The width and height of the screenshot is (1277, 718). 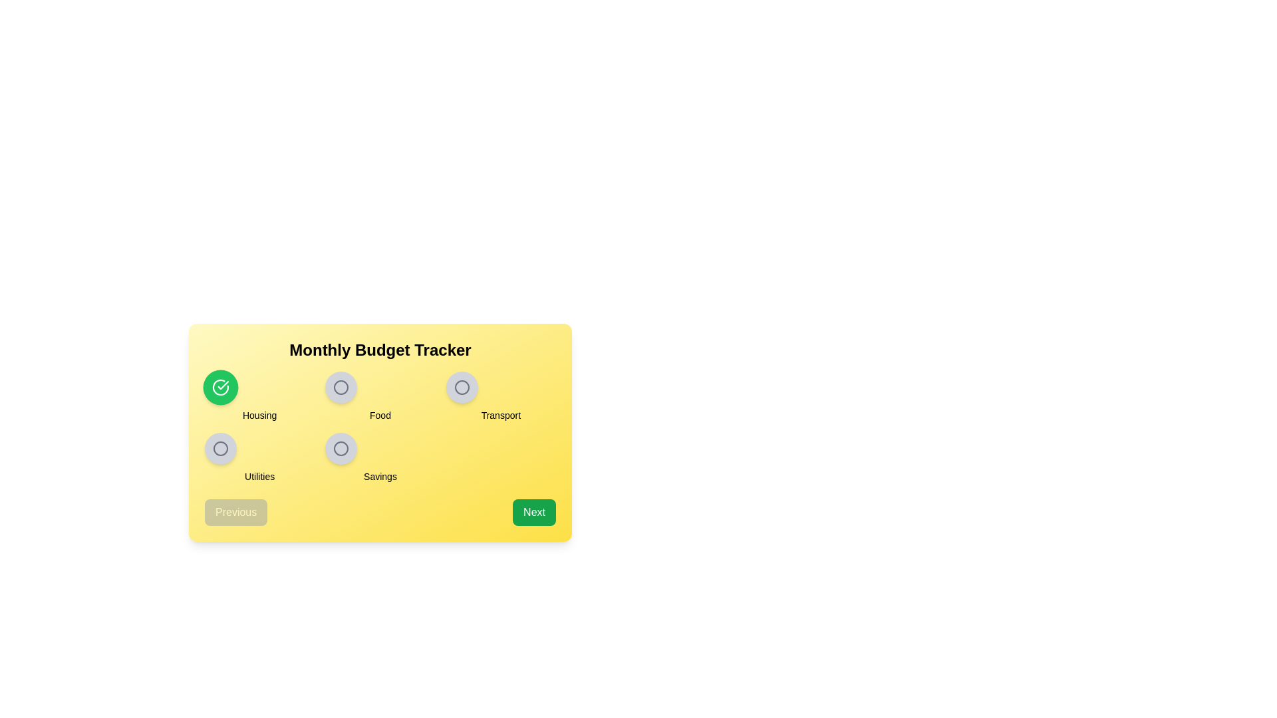 I want to click on the selection indicator button for the 'Housing' category in the budget tracker interface, located in the top row of the grid and directly above the text 'Housing', so click(x=220, y=387).